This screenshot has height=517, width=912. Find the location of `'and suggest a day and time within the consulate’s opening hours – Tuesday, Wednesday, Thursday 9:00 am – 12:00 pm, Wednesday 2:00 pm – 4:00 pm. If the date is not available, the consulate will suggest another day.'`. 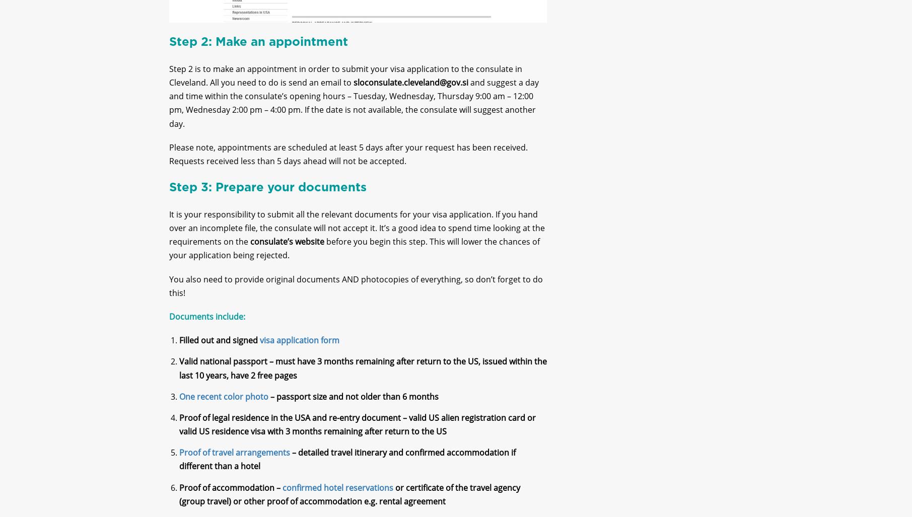

'and suggest a day and time within the consulate’s opening hours – Tuesday, Wednesday, Thursday 9:00 am – 12:00 pm, Wednesday 2:00 pm – 4:00 pm. If the date is not available, the consulate will suggest another day.' is located at coordinates (353, 111).